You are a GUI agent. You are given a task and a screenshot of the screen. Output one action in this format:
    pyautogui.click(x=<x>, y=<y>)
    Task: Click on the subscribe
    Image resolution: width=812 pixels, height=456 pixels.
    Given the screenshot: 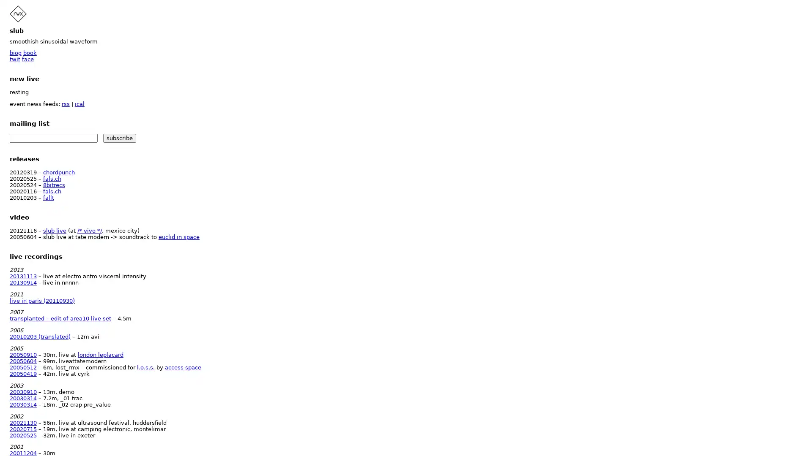 What is the action you would take?
    pyautogui.click(x=119, y=138)
    